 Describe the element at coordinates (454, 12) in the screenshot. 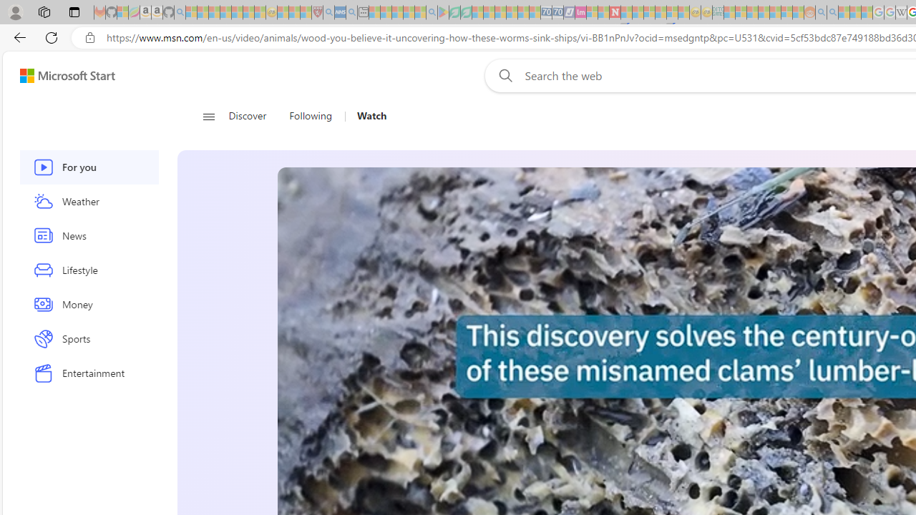

I see `'Terms of Use Agreement - Sleeping'` at that location.